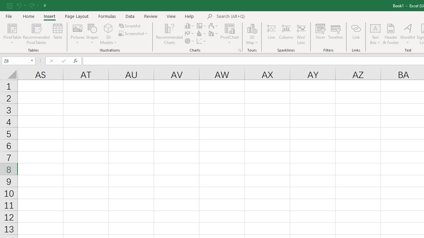  I want to click on 'Insert Line or Area Chart', so click(189, 33).